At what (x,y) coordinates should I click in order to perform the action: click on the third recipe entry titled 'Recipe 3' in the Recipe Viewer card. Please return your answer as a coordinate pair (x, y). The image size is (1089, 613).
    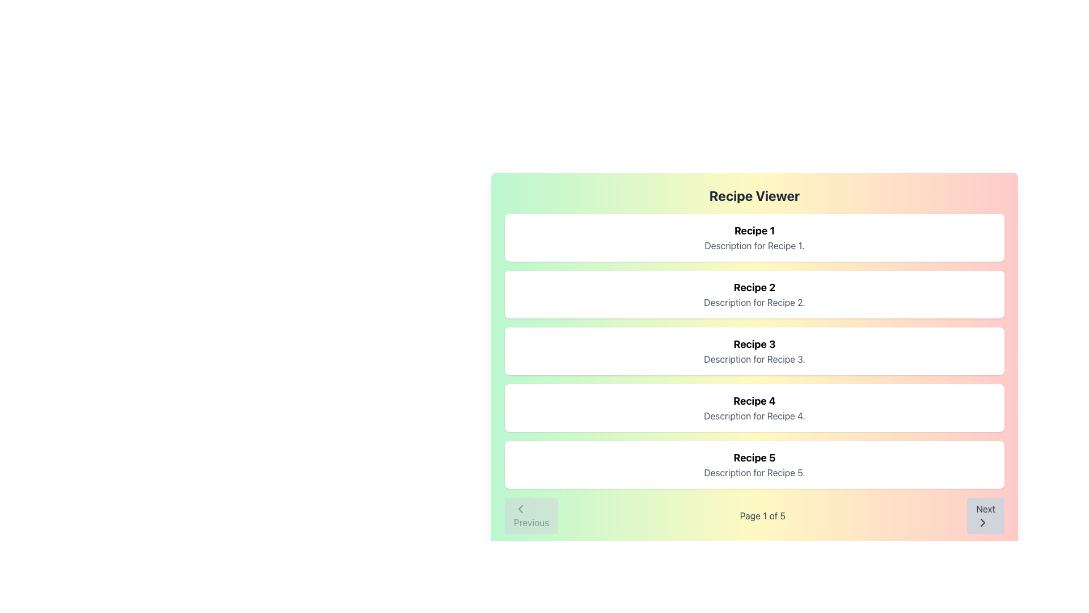
    Looking at the image, I should click on (754, 350).